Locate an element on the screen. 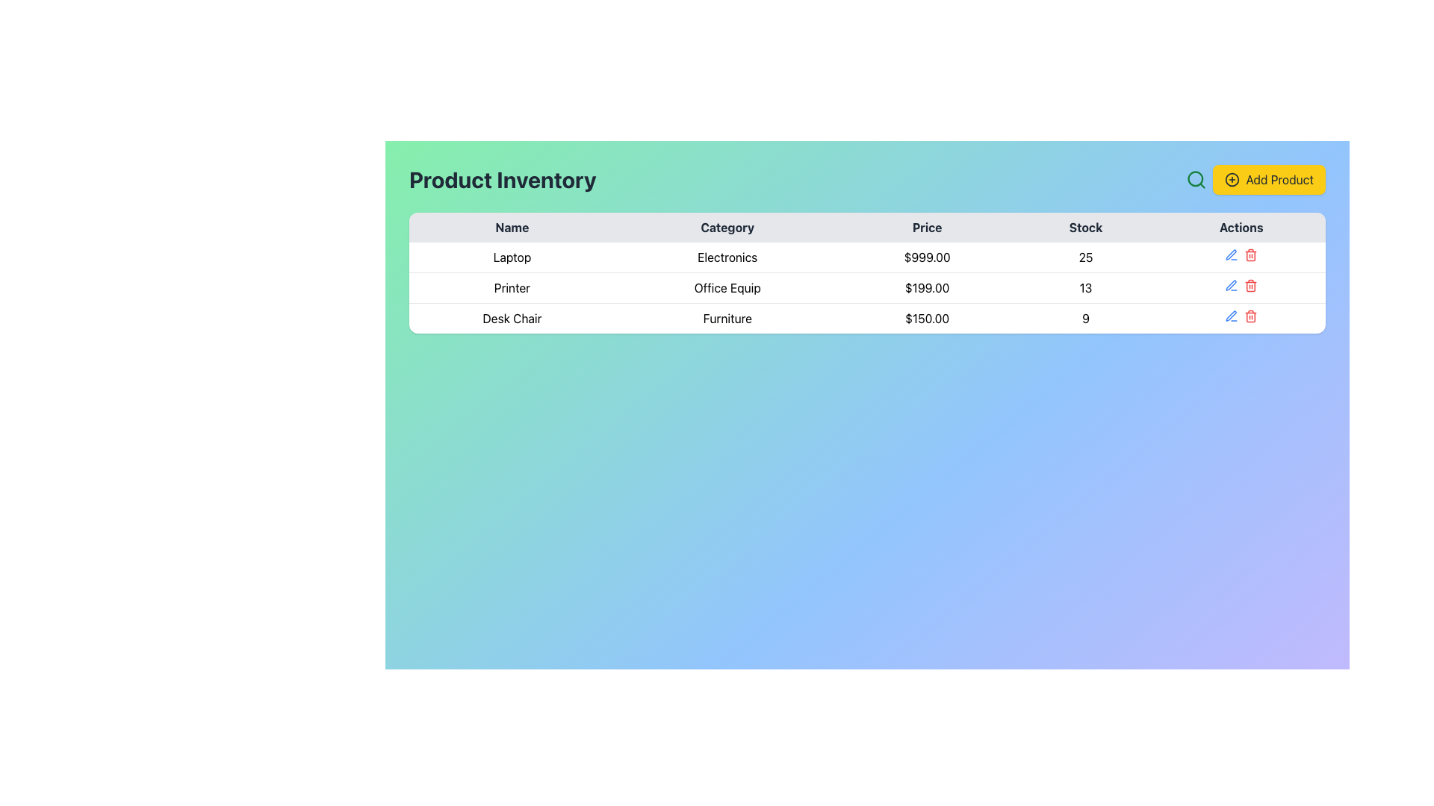  the text entry labeled 'Printer' located in the second row of the table under the 'Name' column is located at coordinates (512, 287).